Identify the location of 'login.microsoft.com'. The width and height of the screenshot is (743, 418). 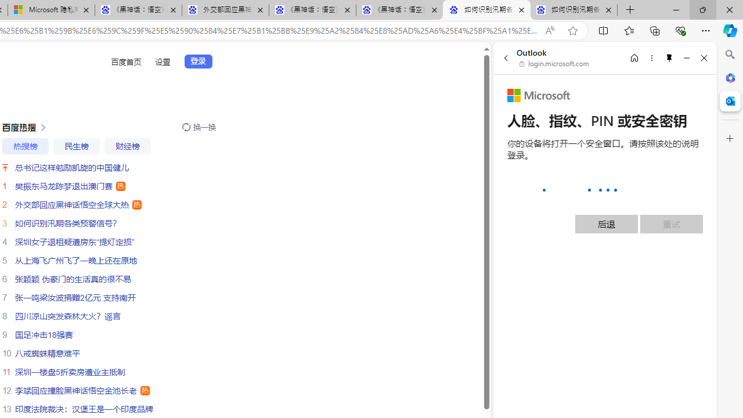
(554, 64).